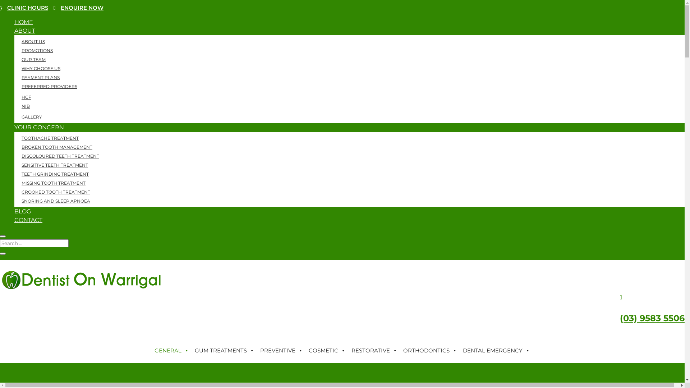 The image size is (690, 388). What do you see at coordinates (56, 147) in the screenshot?
I see `'BROKEN TOOTH MANAGEMENT'` at bounding box center [56, 147].